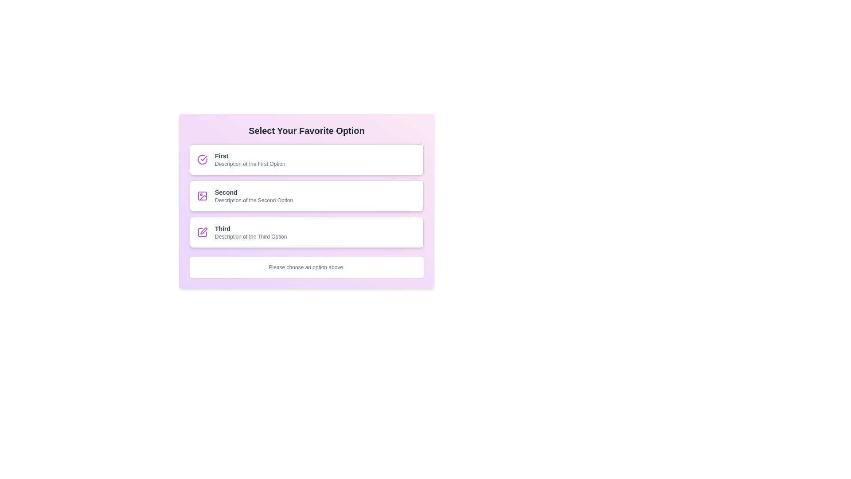 The width and height of the screenshot is (851, 479). I want to click on the purple media icon representing an image frame located to the left of the text 'Second Description of the Second Option' in the second option card labeled 'Second', so click(202, 196).